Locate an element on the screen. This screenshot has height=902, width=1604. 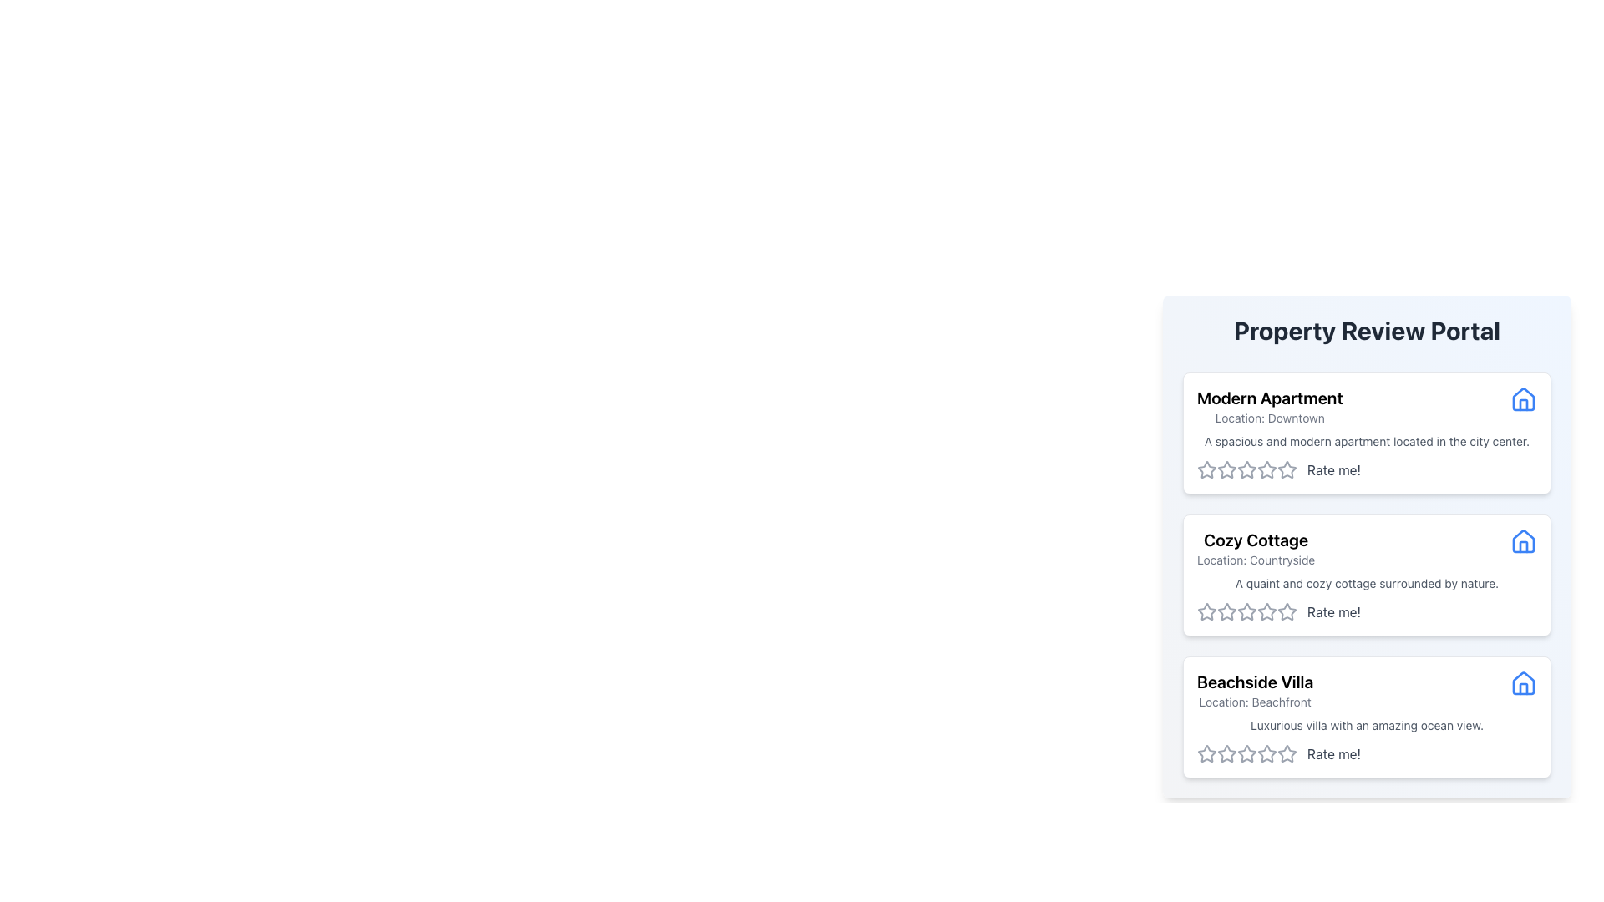
the house icon outlined in blue located on the right side of the last card titled 'Beachside Villa' is located at coordinates (1524, 683).